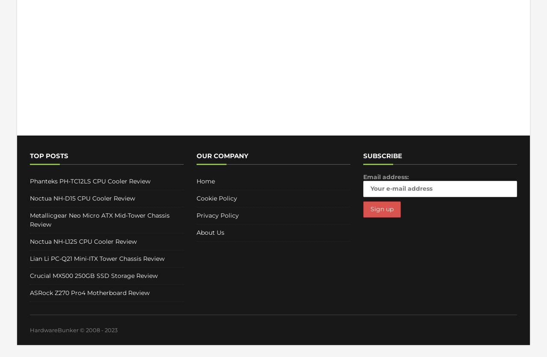 Image resolution: width=547 pixels, height=357 pixels. Describe the element at coordinates (30, 330) in the screenshot. I see `'HardwareBunker © 2008 - 2023'` at that location.